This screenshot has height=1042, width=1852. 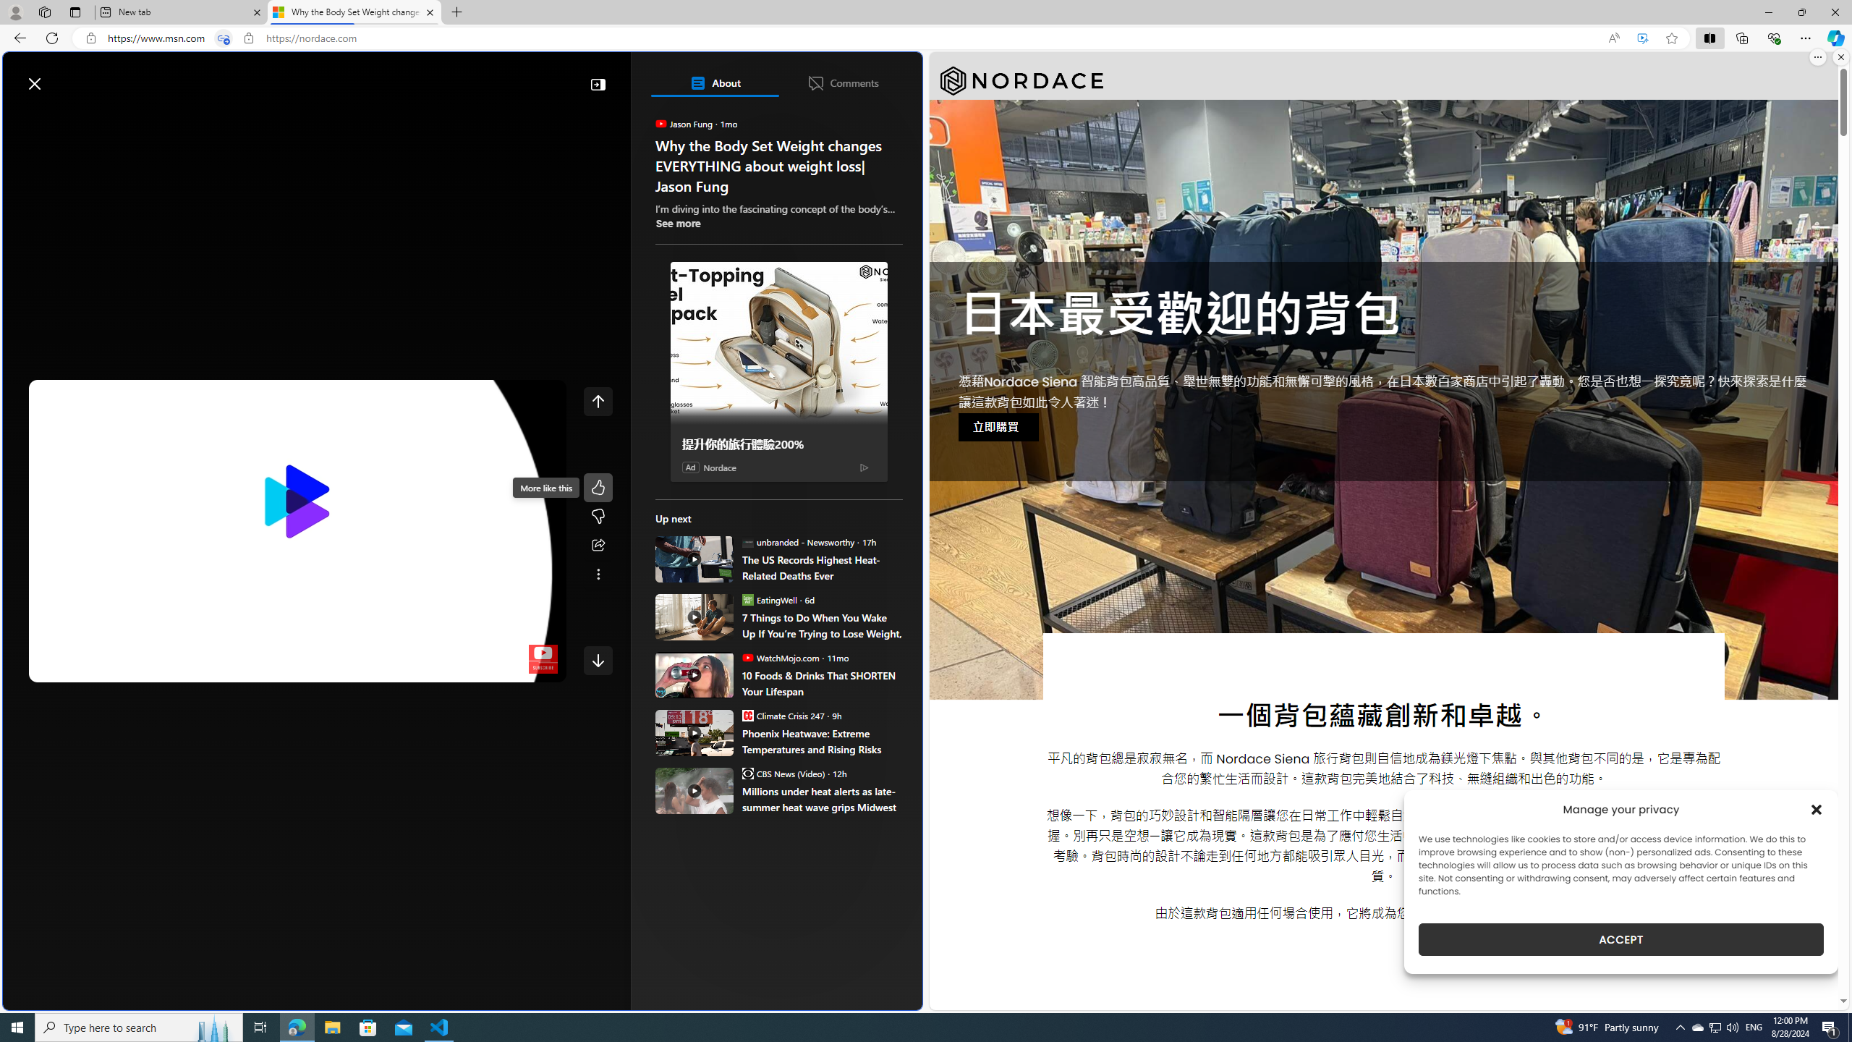 I want to click on 'unbranded - Newsworthy', so click(x=746, y=541).